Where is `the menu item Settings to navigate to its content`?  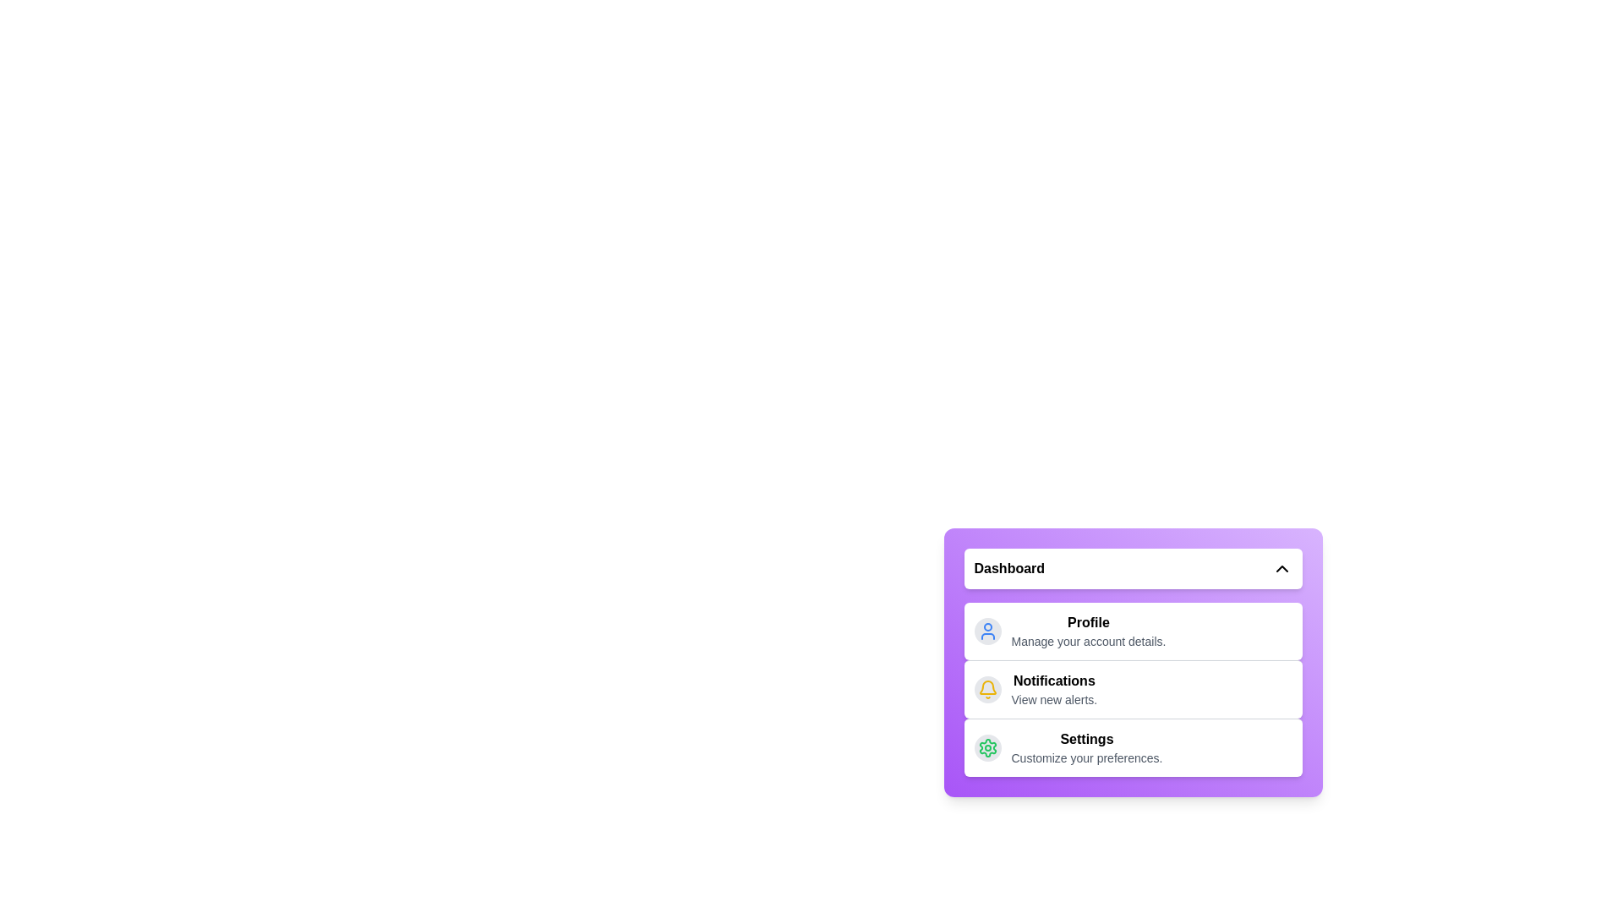 the menu item Settings to navigate to its content is located at coordinates (1086, 746).